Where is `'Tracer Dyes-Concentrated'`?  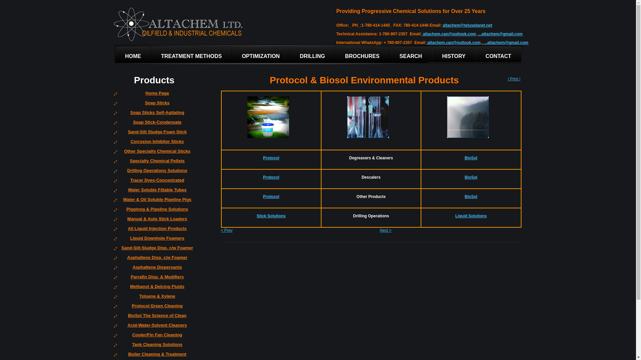 'Tracer Dyes-Concentrated' is located at coordinates (154, 182).